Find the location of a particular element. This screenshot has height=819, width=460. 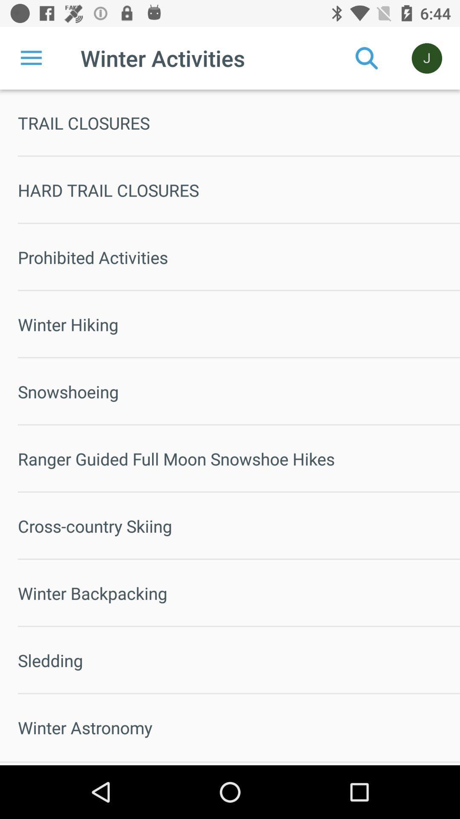

icon next to the winter activities item is located at coordinates (31, 58).